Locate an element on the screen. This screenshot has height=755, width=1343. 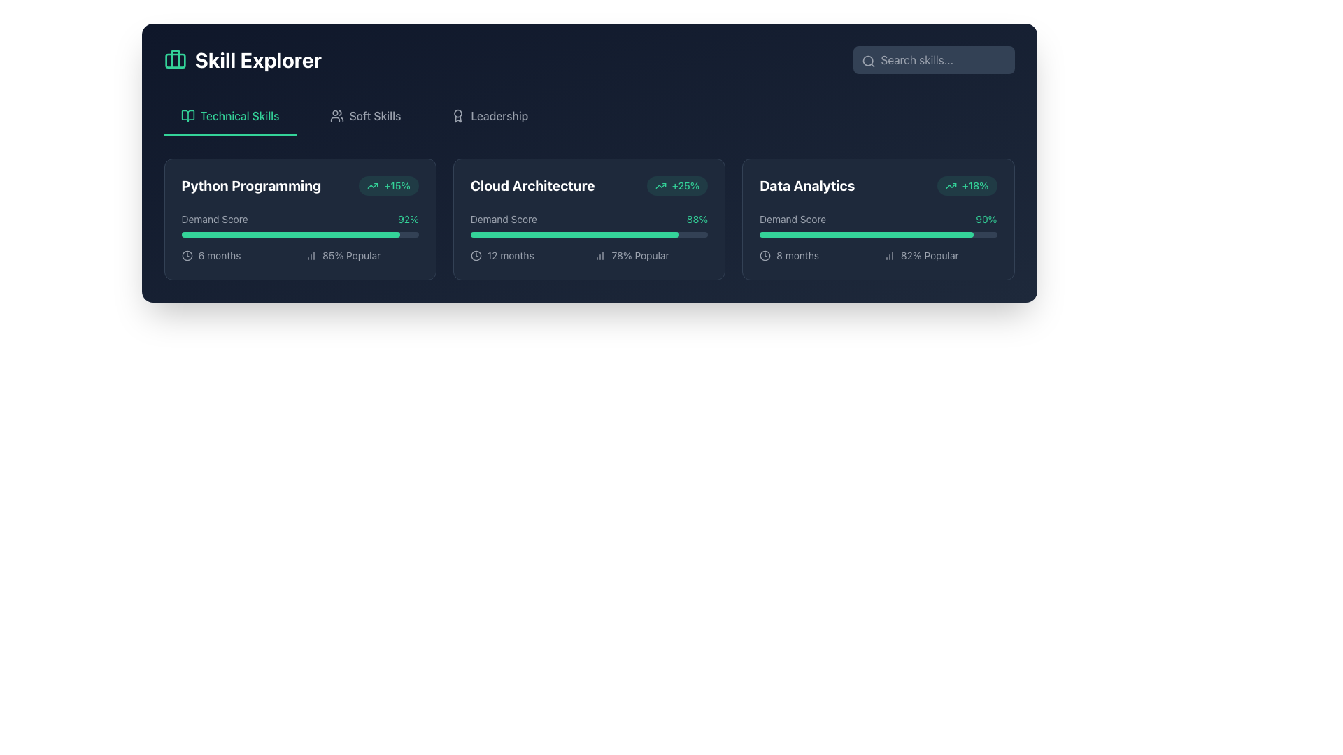
the middle vertical section of the briefcase handle icon located at the top left of the interface is located at coordinates (174, 58).